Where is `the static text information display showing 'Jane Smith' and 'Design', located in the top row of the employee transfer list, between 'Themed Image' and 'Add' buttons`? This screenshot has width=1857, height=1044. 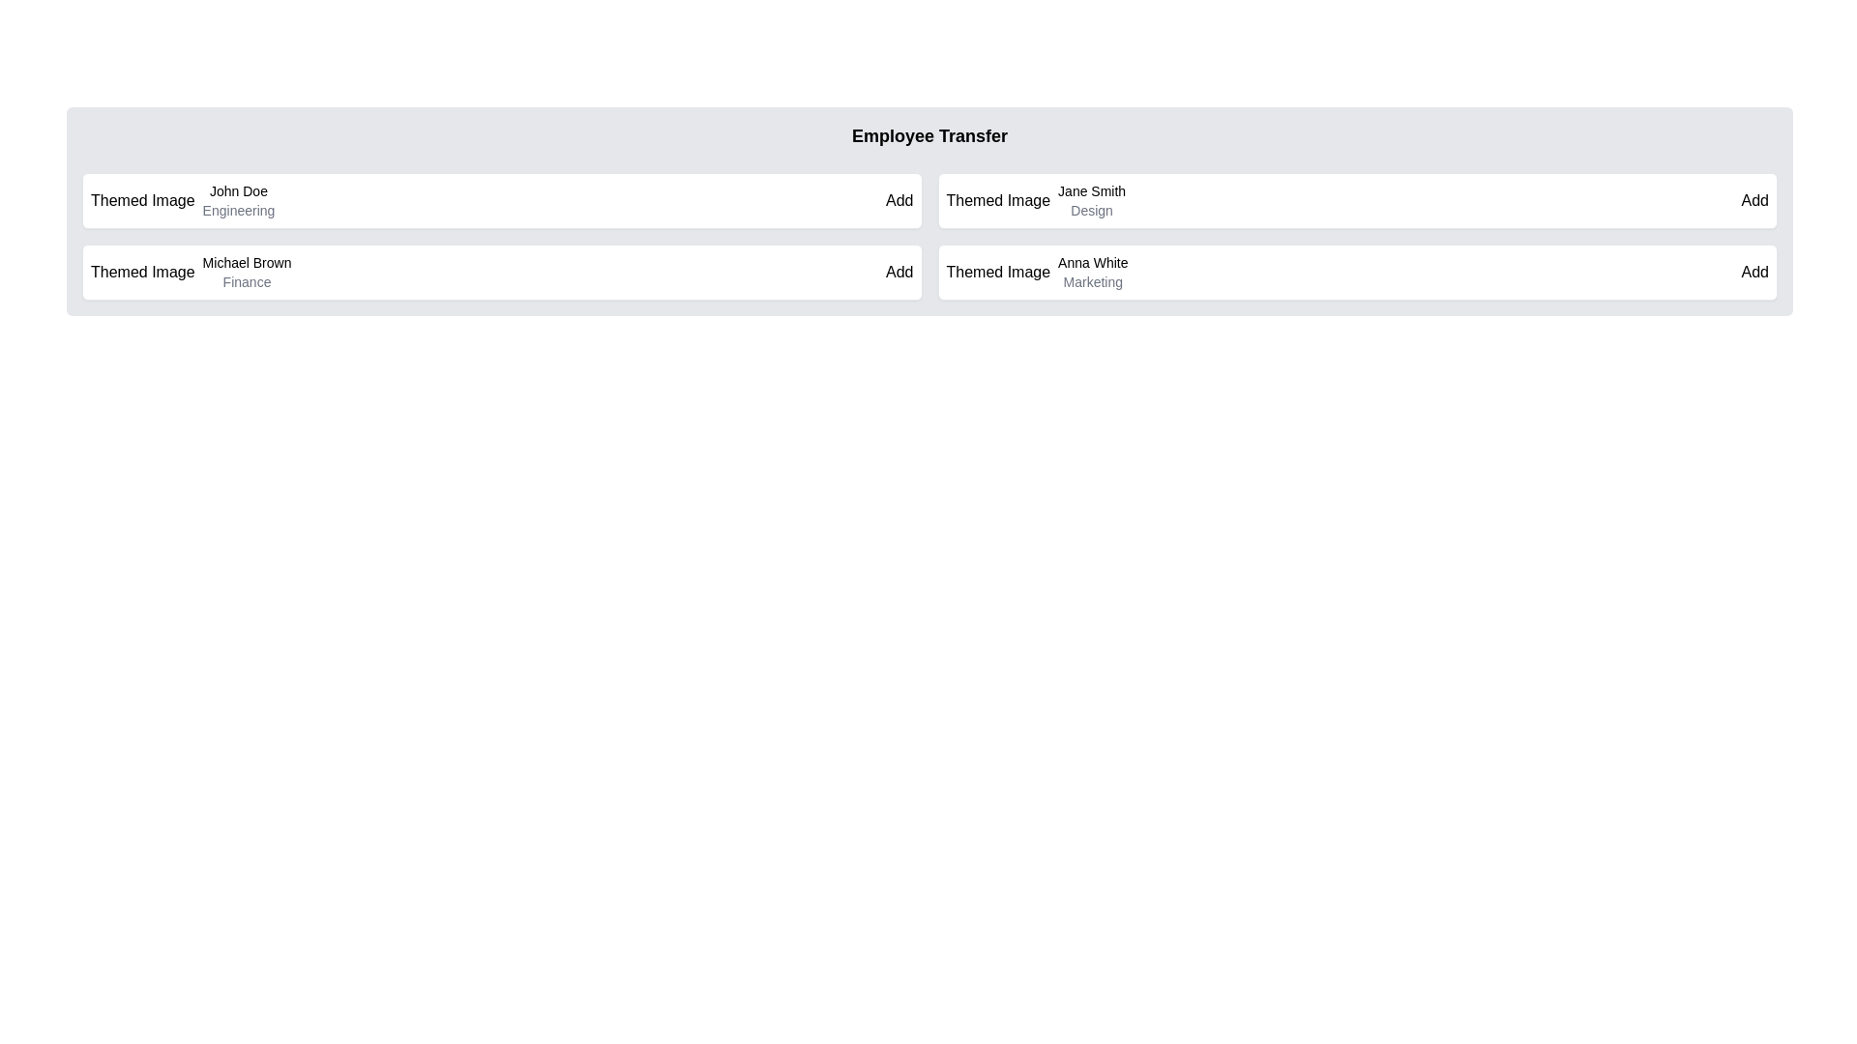
the static text information display showing 'Jane Smith' and 'Design', located in the top row of the employee transfer list, between 'Themed Image' and 'Add' buttons is located at coordinates (1092, 201).